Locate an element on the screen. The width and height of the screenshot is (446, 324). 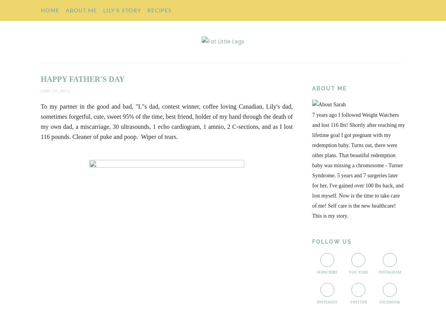
'June 17, 2012' is located at coordinates (55, 90).